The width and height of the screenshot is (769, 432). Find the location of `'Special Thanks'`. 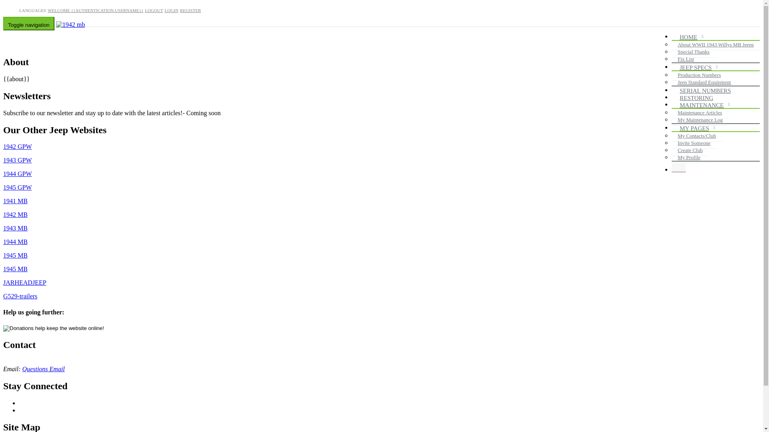

'Special Thanks' is located at coordinates (693, 52).